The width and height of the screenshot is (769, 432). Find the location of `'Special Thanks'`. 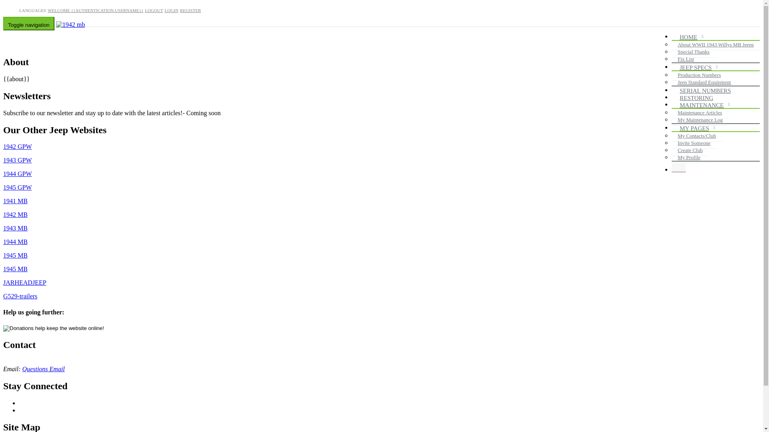

'Special Thanks' is located at coordinates (693, 52).